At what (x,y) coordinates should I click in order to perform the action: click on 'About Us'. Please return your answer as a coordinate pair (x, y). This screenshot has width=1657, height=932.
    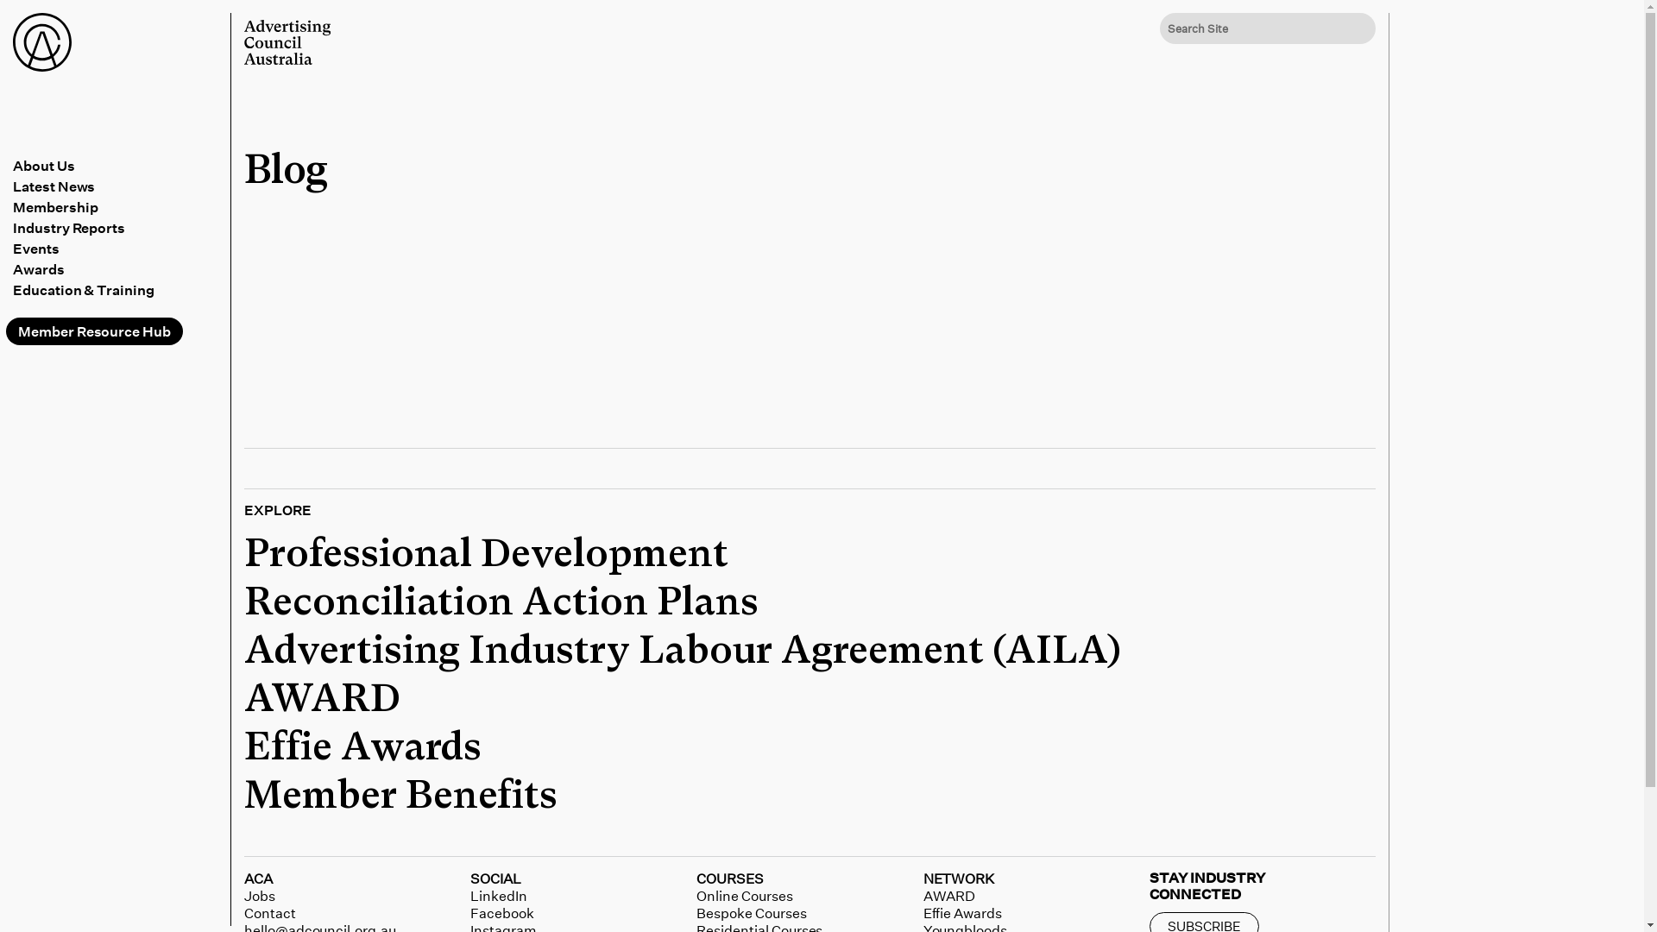
    Looking at the image, I should click on (117, 166).